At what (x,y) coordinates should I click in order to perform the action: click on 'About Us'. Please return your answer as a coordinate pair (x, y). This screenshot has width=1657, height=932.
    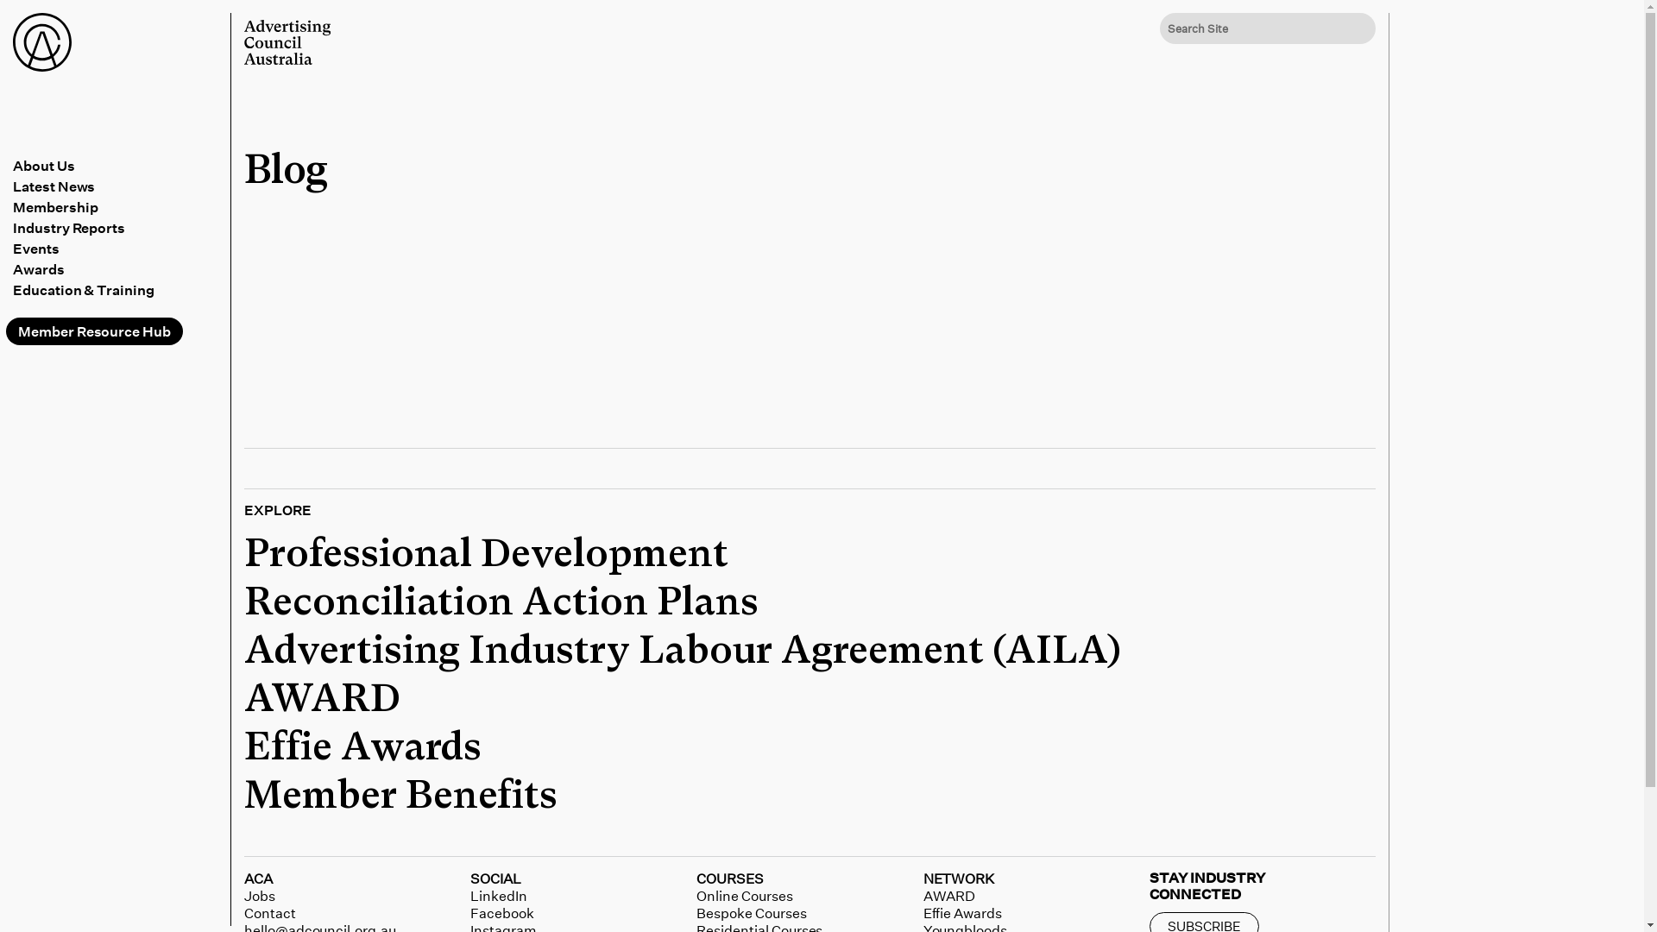
    Looking at the image, I should click on (117, 166).